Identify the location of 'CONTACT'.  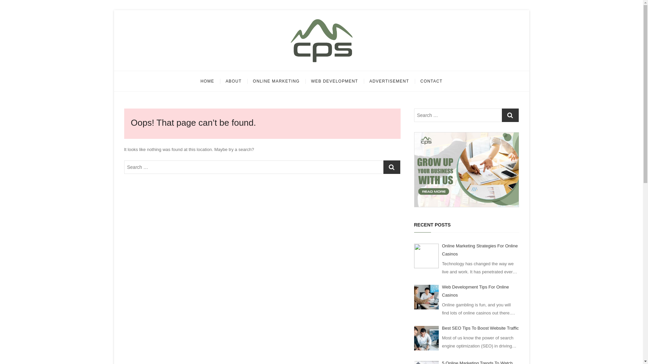
(431, 81).